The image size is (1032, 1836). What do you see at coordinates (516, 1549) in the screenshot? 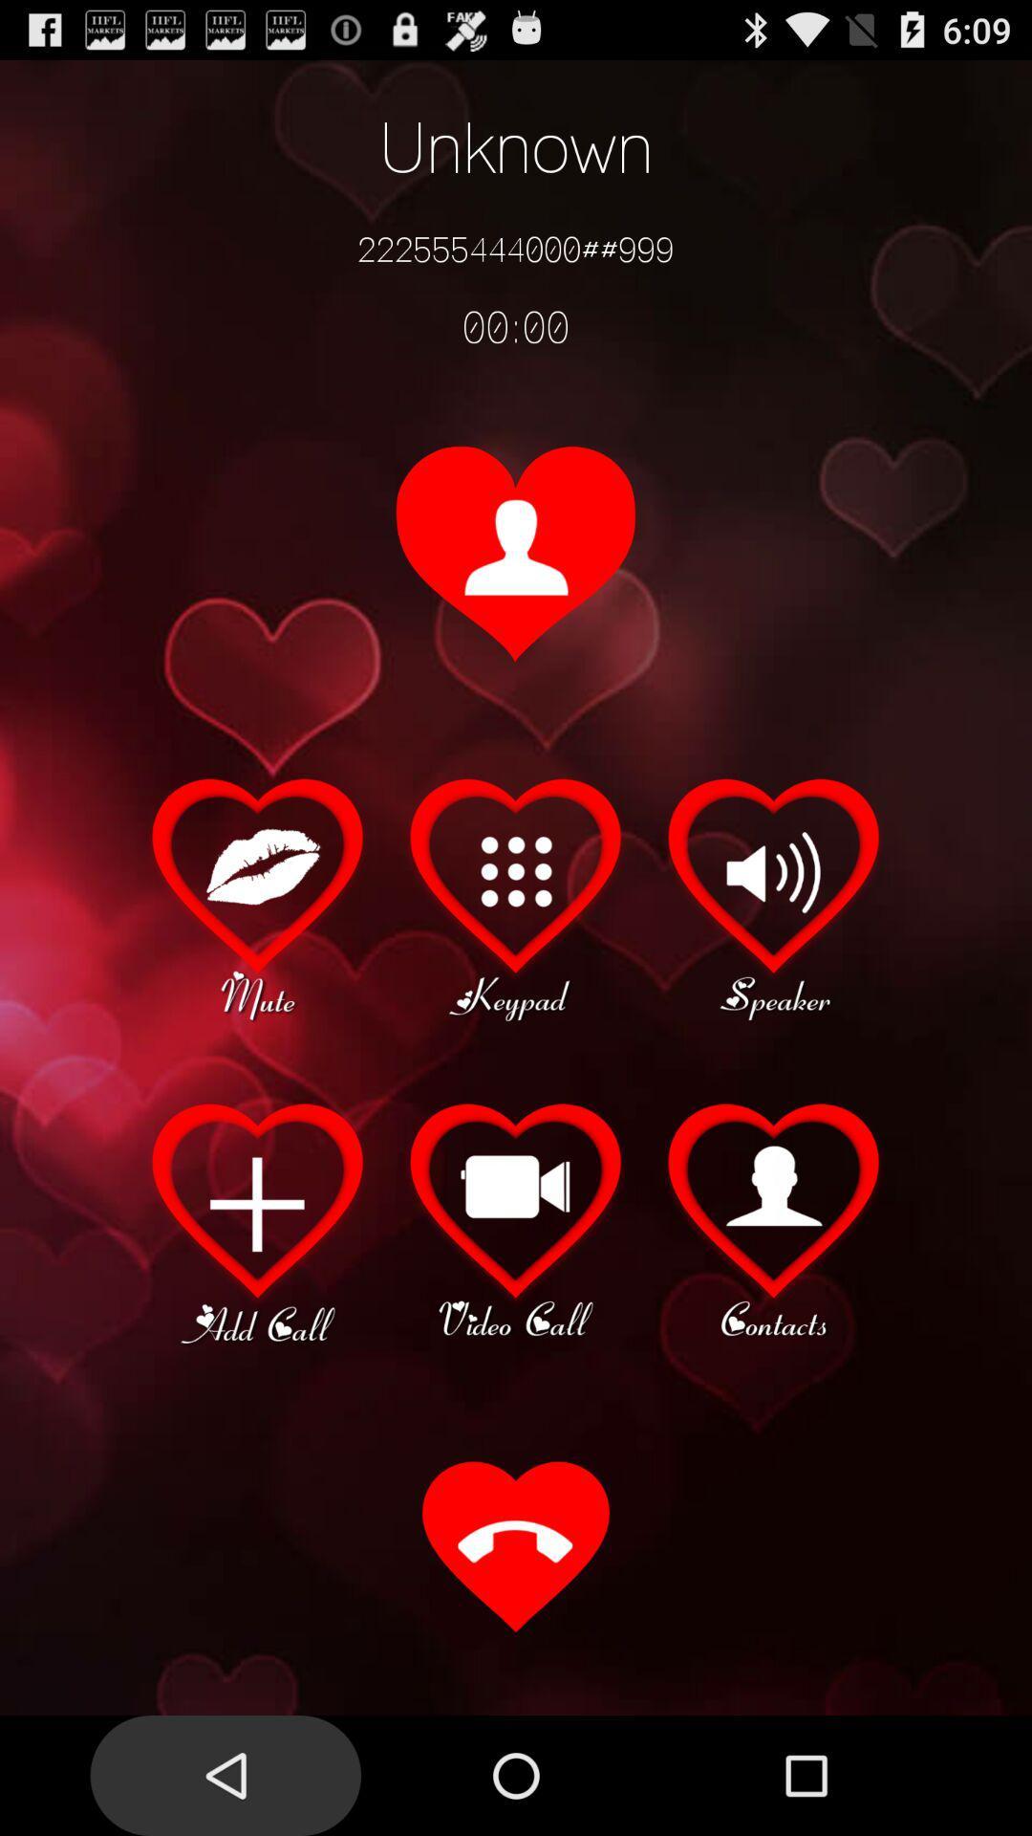
I see `call` at bounding box center [516, 1549].